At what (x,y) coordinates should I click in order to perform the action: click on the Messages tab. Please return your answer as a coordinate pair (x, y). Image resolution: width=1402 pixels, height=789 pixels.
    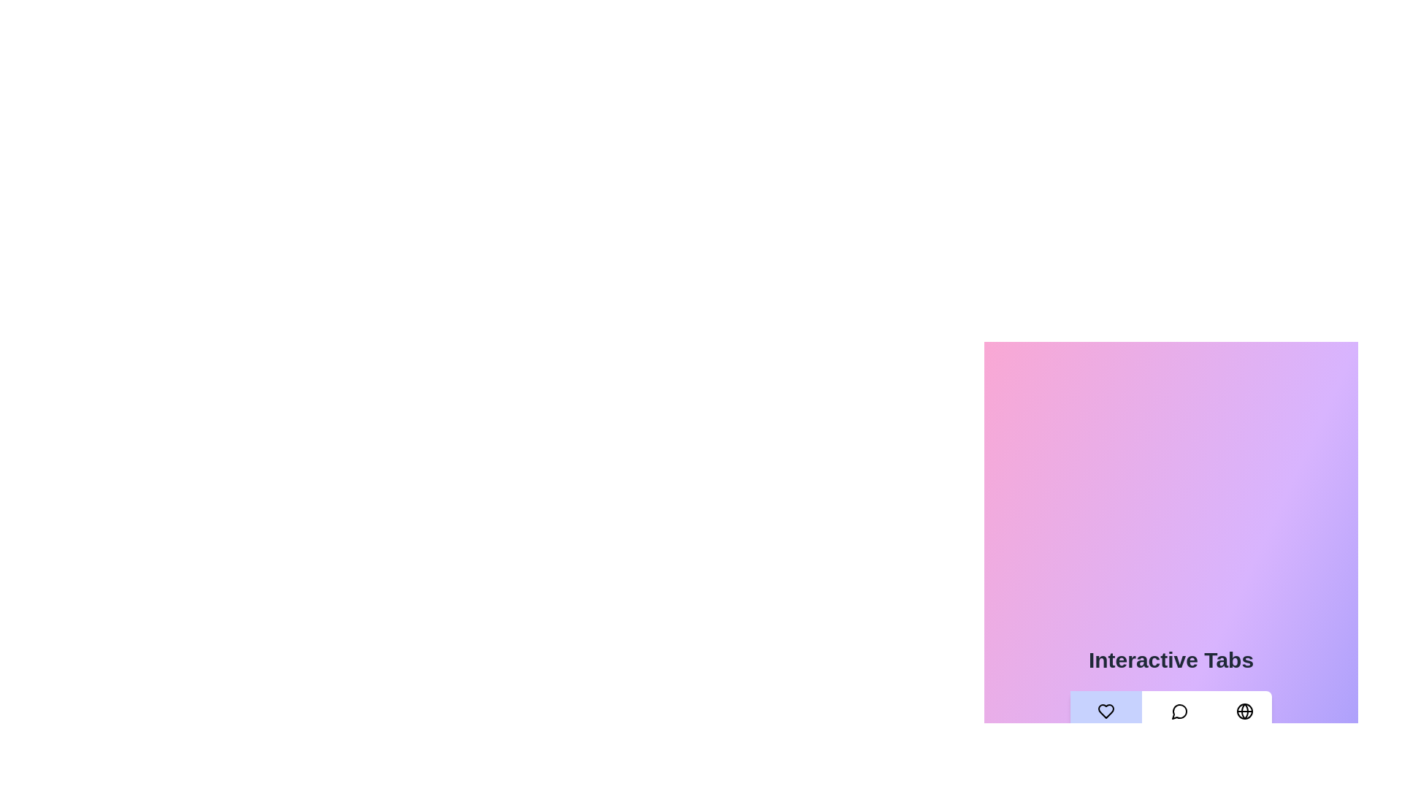
    Looking at the image, I should click on (1180, 723).